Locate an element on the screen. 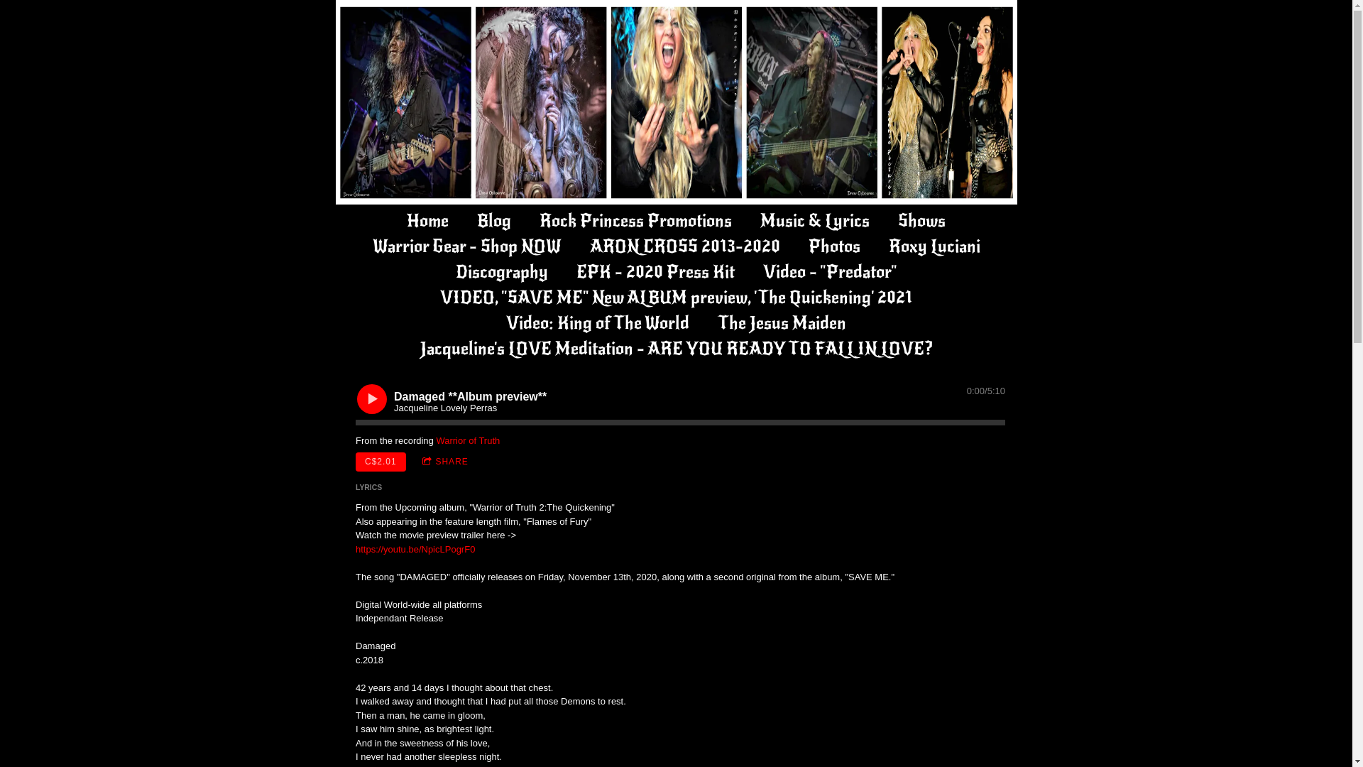 Image resolution: width=1363 pixels, height=767 pixels. 'C$2.01' is located at coordinates (381, 462).